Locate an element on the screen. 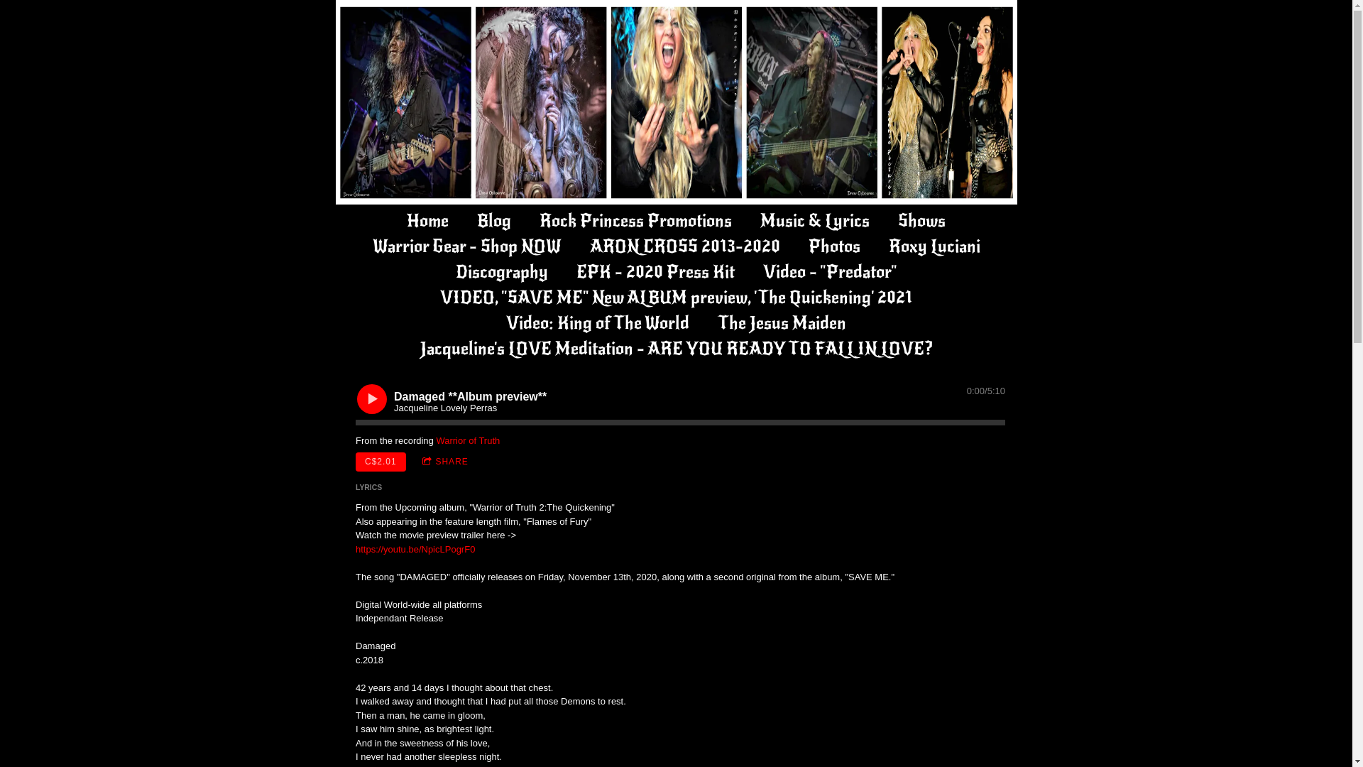 Image resolution: width=1363 pixels, height=767 pixels. 'C$2.01' is located at coordinates (381, 462).